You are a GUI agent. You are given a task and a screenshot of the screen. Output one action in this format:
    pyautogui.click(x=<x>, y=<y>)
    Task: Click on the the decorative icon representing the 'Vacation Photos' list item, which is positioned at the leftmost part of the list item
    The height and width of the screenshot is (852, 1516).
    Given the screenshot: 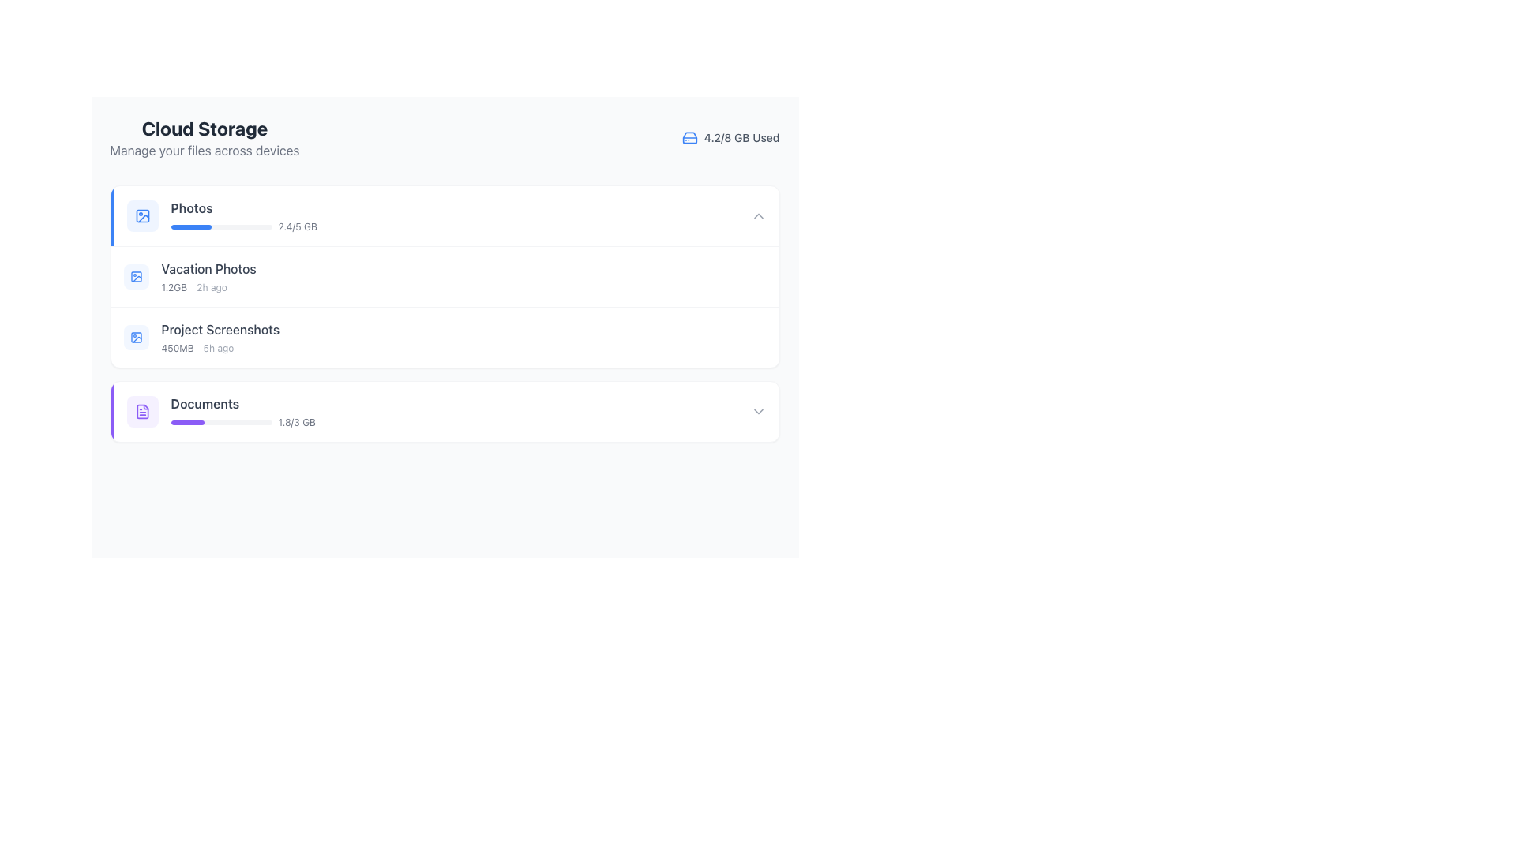 What is the action you would take?
    pyautogui.click(x=136, y=276)
    